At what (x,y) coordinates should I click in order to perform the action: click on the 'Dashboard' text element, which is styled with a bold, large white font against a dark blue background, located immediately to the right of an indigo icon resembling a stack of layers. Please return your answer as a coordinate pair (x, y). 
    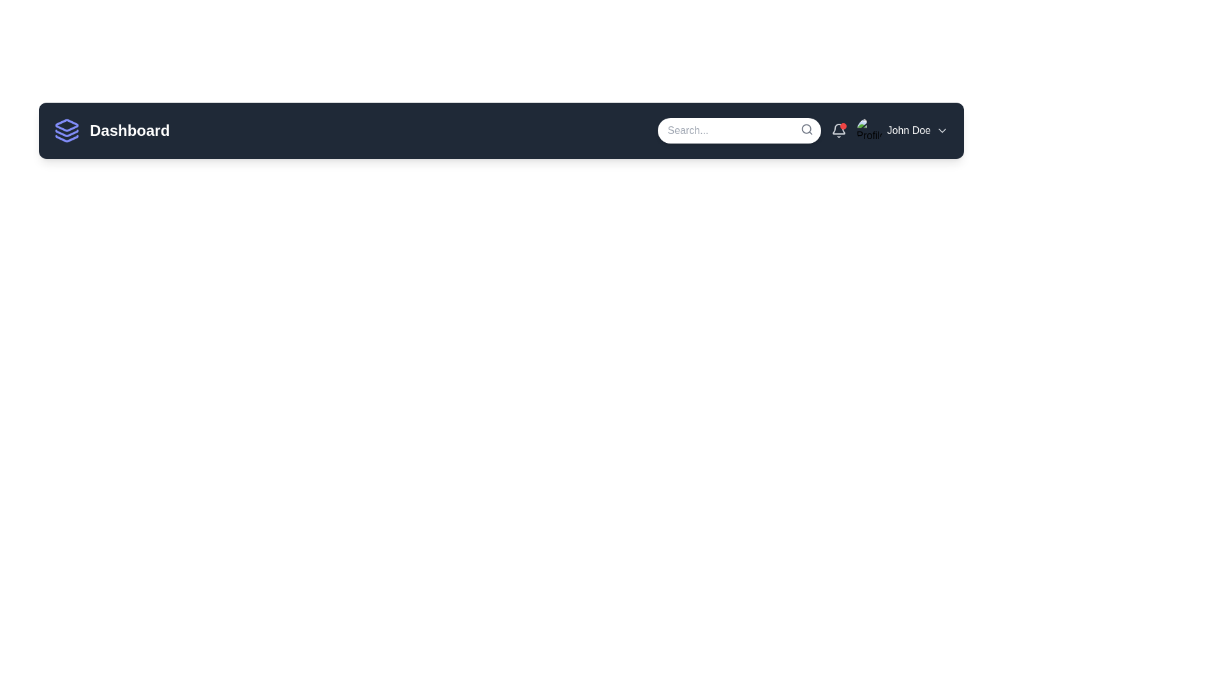
    Looking at the image, I should click on (130, 130).